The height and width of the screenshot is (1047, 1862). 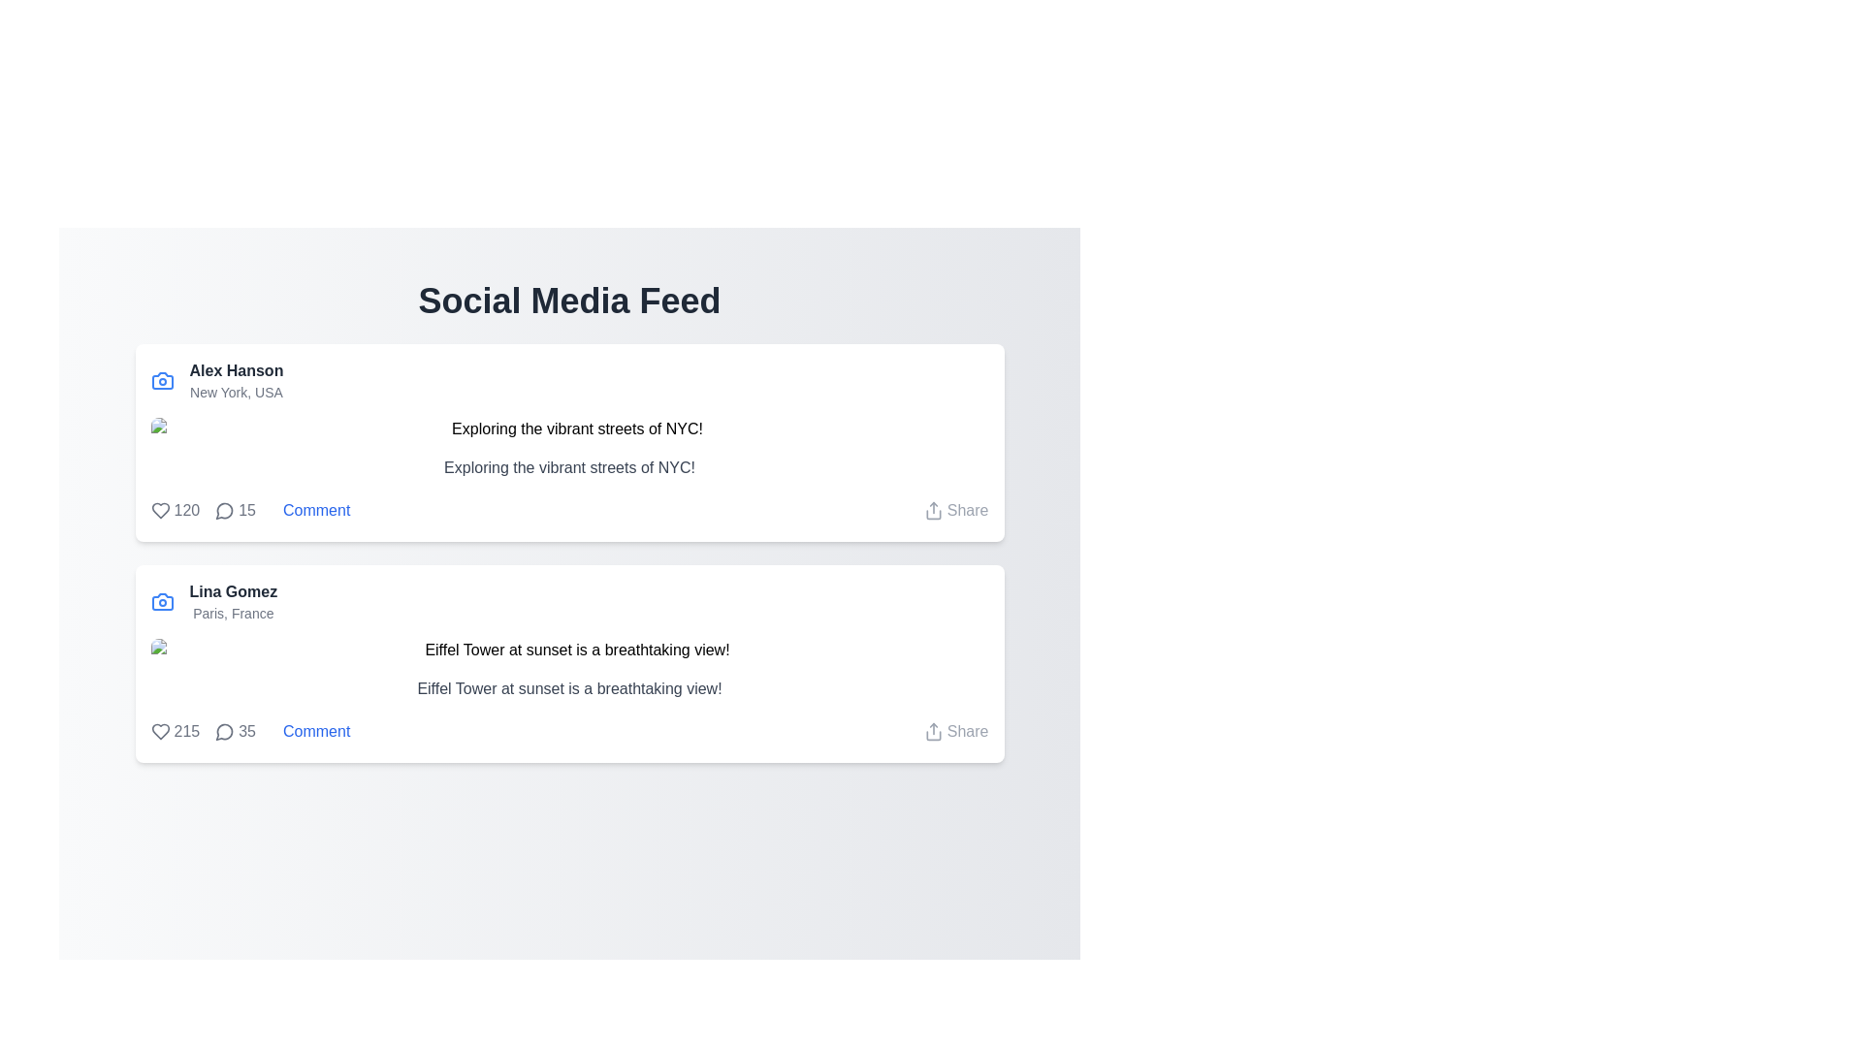 What do you see at coordinates (568, 442) in the screenshot?
I see `the user name in the first social media post card` at bounding box center [568, 442].